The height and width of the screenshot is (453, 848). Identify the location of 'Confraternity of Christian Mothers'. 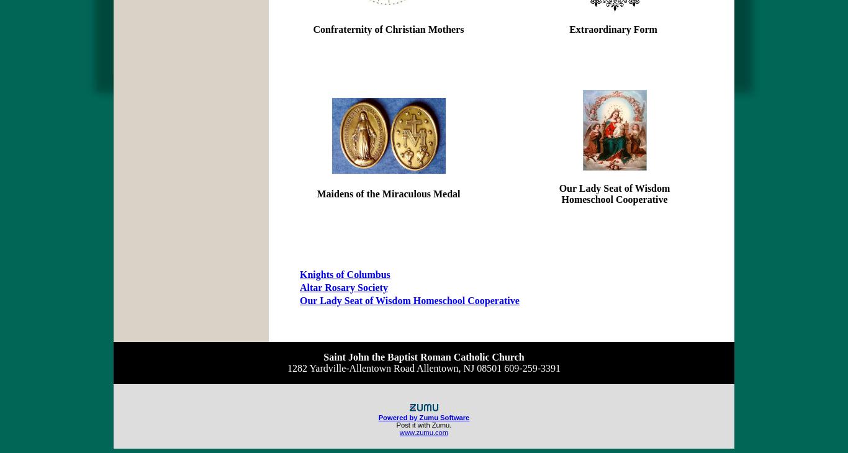
(387, 29).